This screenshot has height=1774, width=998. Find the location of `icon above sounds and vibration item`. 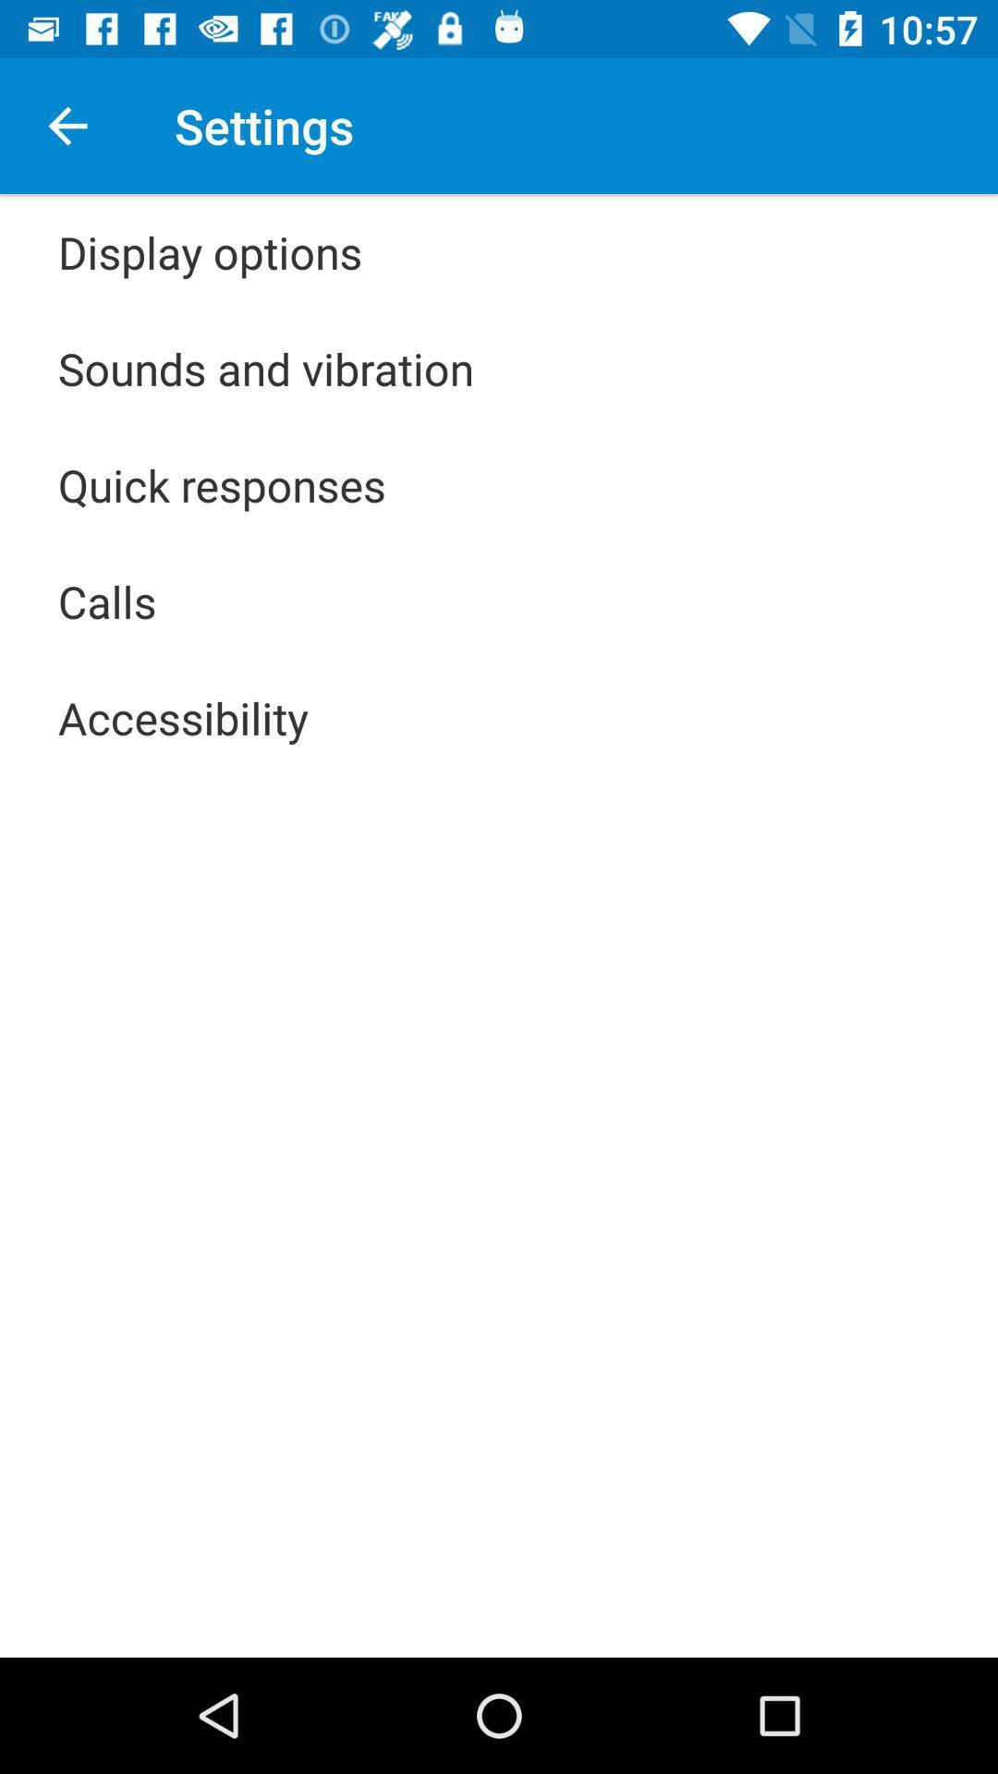

icon above sounds and vibration item is located at coordinates (209, 251).